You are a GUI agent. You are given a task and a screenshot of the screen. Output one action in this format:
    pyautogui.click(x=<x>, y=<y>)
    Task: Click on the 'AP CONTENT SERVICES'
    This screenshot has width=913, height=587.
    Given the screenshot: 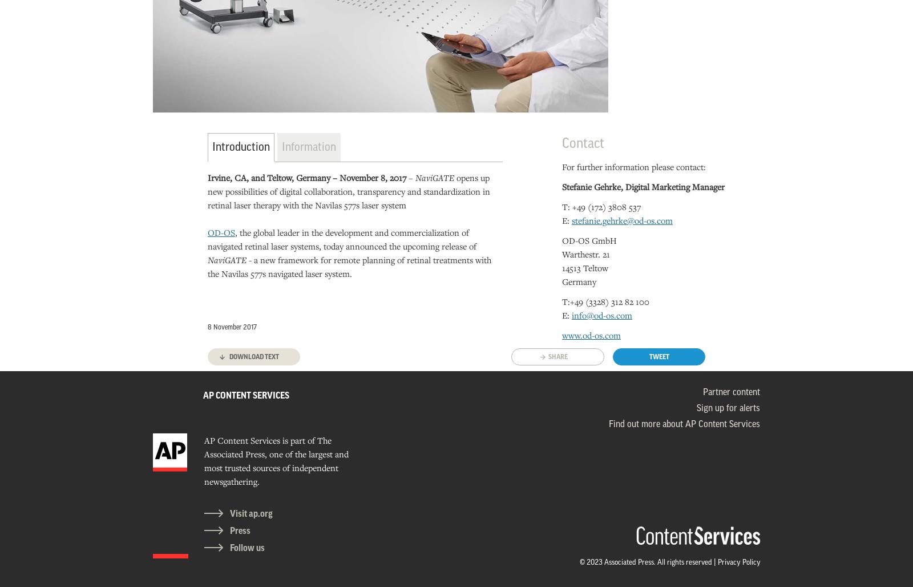 What is the action you would take?
    pyautogui.click(x=245, y=395)
    